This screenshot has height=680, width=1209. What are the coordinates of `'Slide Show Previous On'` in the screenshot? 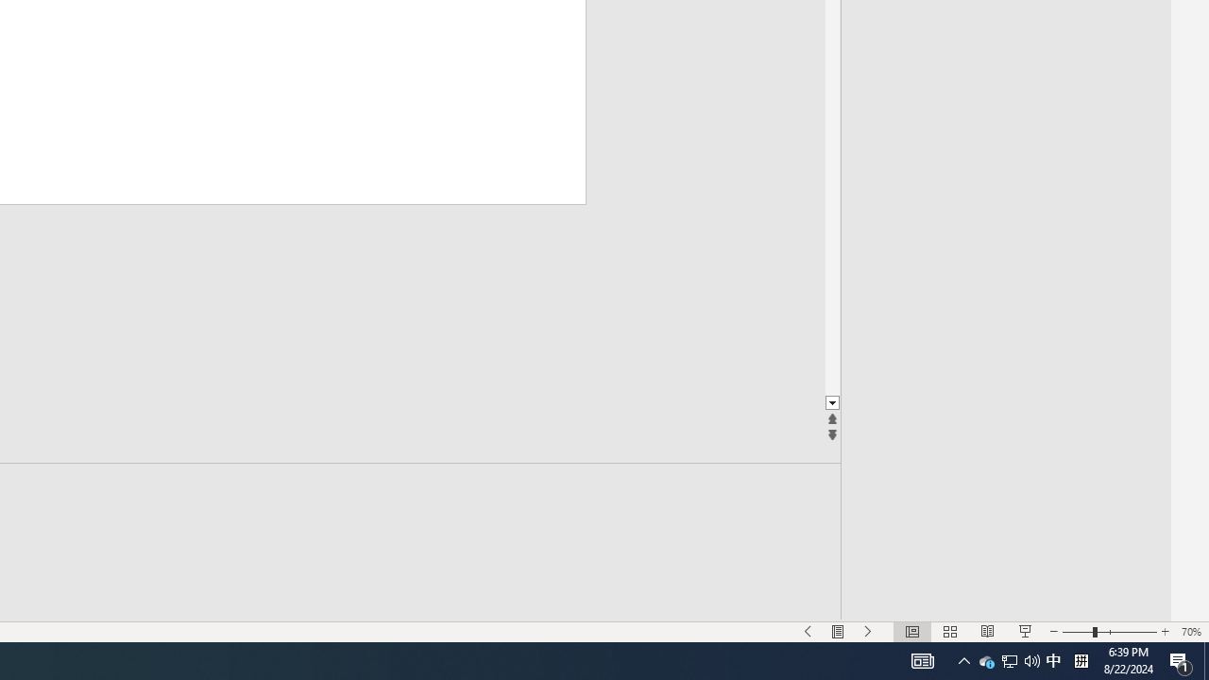 It's located at (808, 632).